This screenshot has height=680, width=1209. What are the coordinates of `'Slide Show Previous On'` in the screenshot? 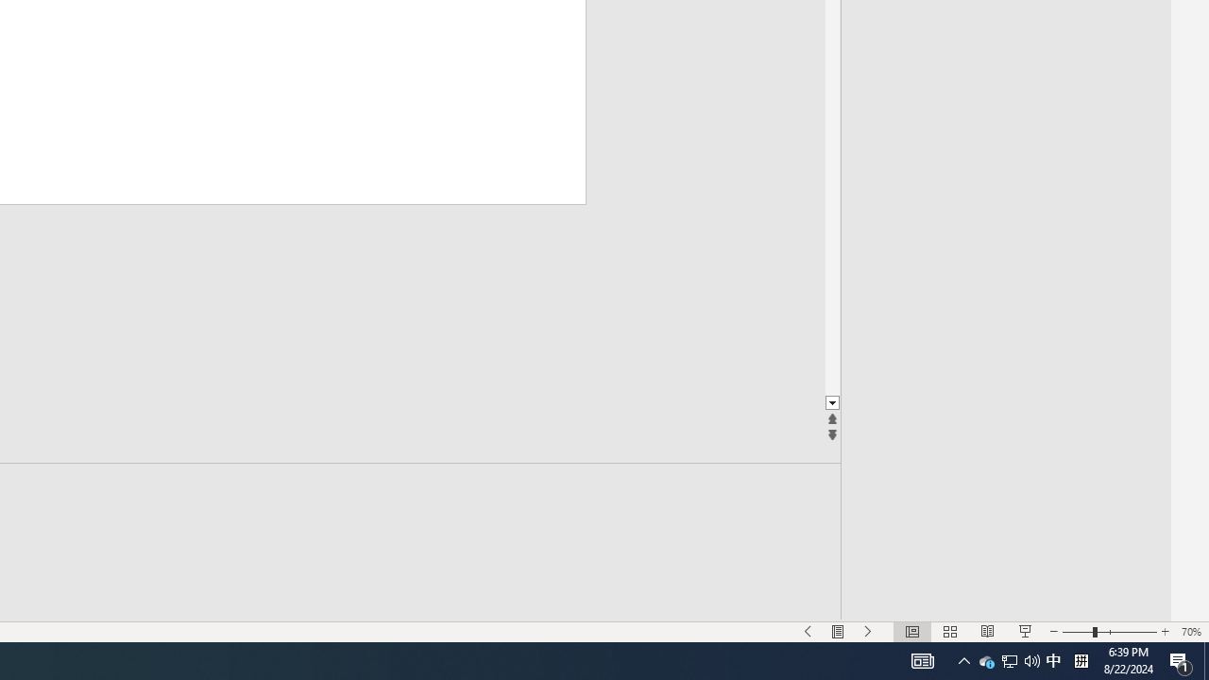 It's located at (808, 632).